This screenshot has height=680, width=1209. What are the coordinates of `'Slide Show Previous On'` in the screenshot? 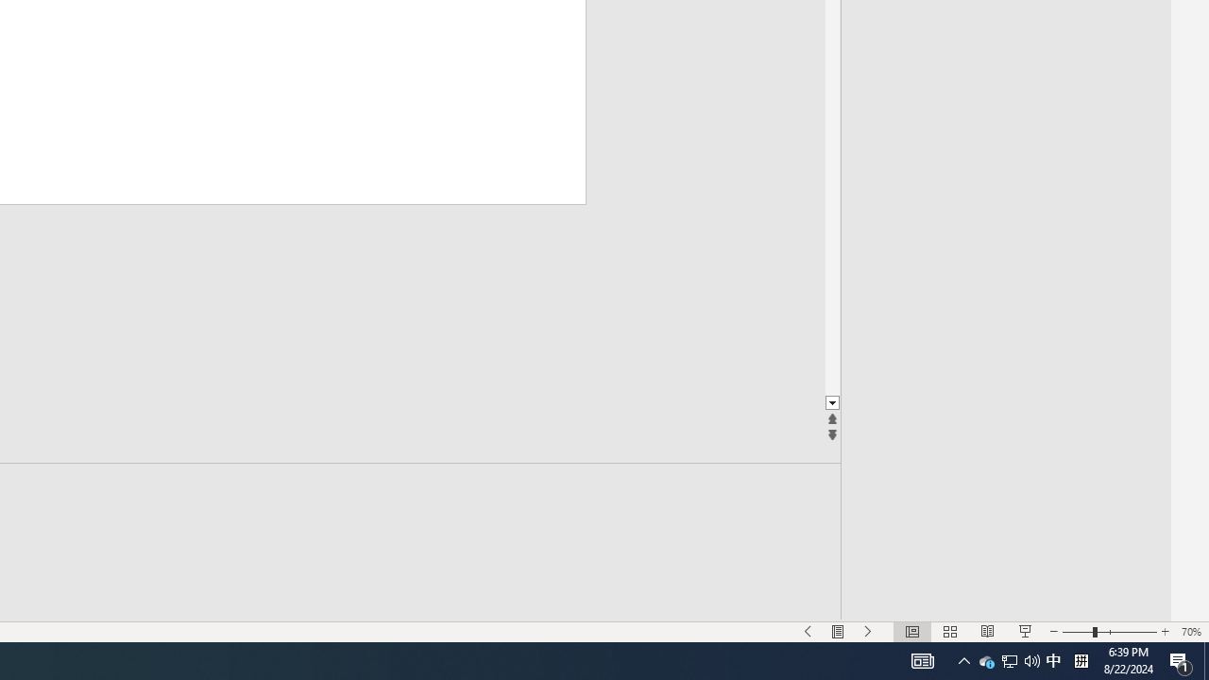 It's located at (808, 632).